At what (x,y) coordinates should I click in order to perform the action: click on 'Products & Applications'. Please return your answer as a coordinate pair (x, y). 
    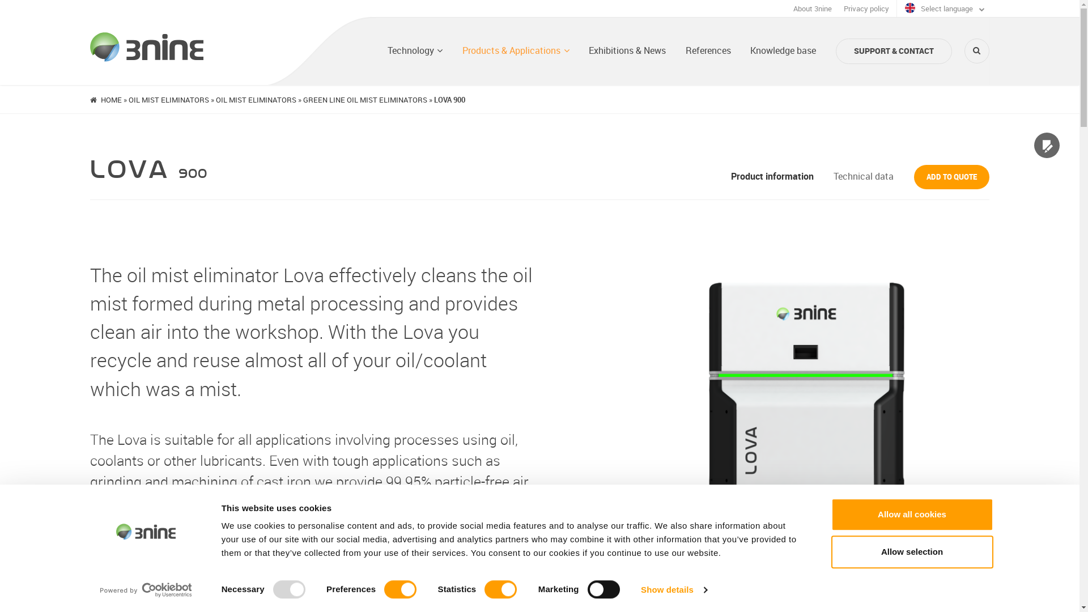
    Looking at the image, I should click on (515, 50).